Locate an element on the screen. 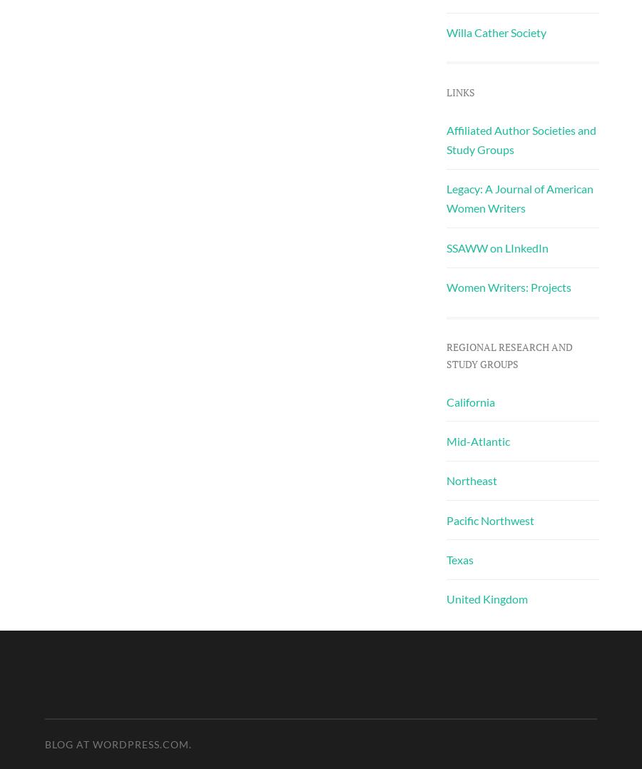 This screenshot has width=642, height=769. 'California' is located at coordinates (445, 400).